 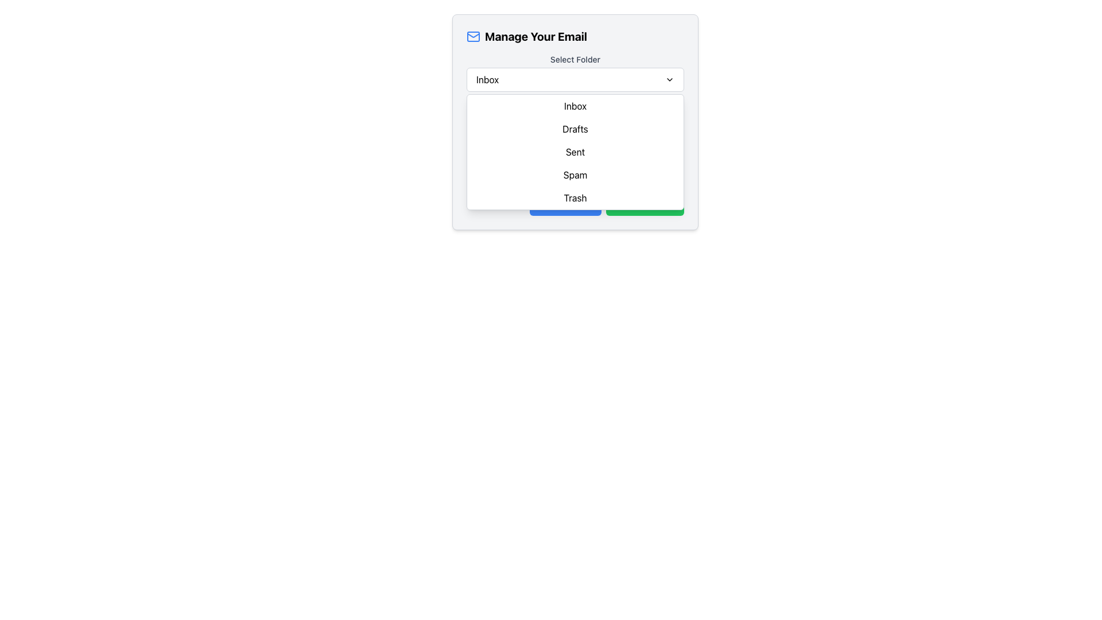 What do you see at coordinates (575, 197) in the screenshot?
I see `to select the 'Trash' option in the dropdown menu located in the 'Manage Your Email' modal, which is the fifth item in the list` at bounding box center [575, 197].